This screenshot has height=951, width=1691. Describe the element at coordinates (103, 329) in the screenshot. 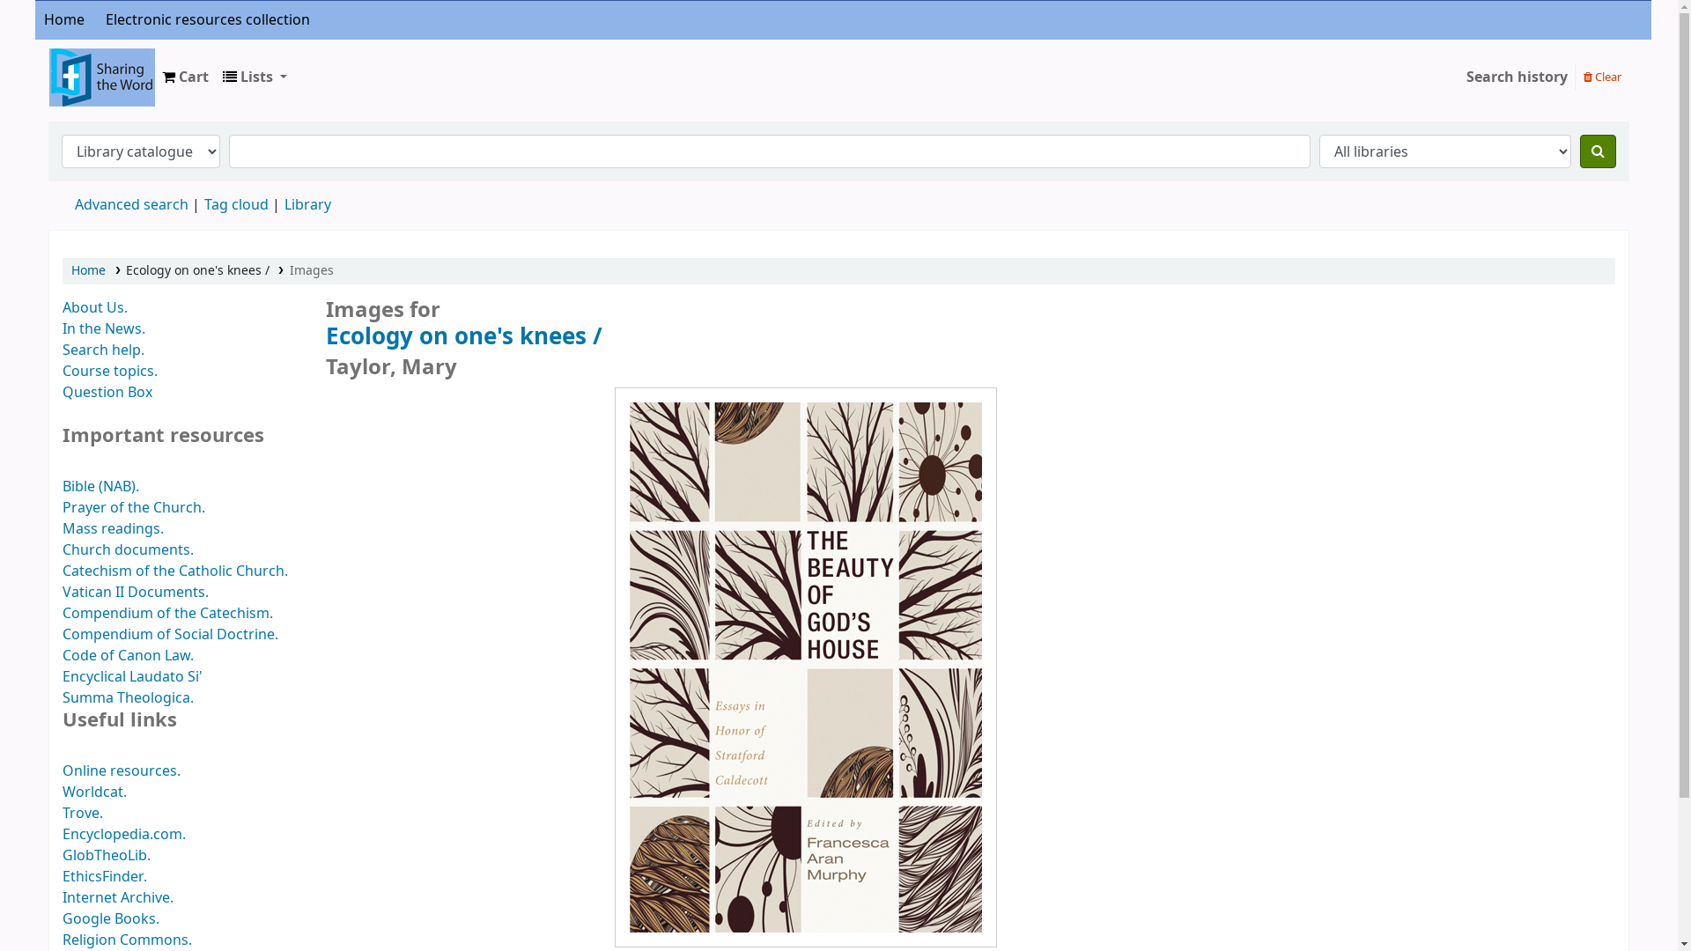

I see `'In the News.'` at that location.